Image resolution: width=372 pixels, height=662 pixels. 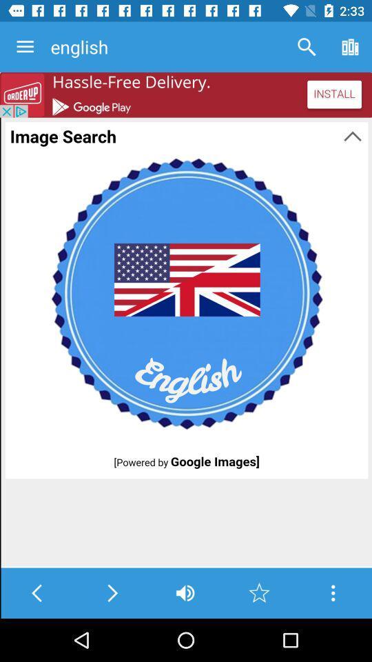 I want to click on set page as favorite, so click(x=259, y=592).